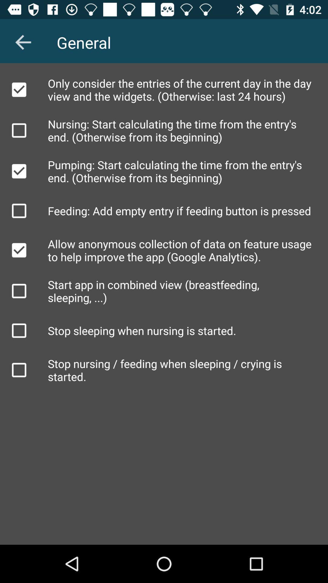 The image size is (328, 583). What do you see at coordinates (19, 330) in the screenshot?
I see `to select` at bounding box center [19, 330].